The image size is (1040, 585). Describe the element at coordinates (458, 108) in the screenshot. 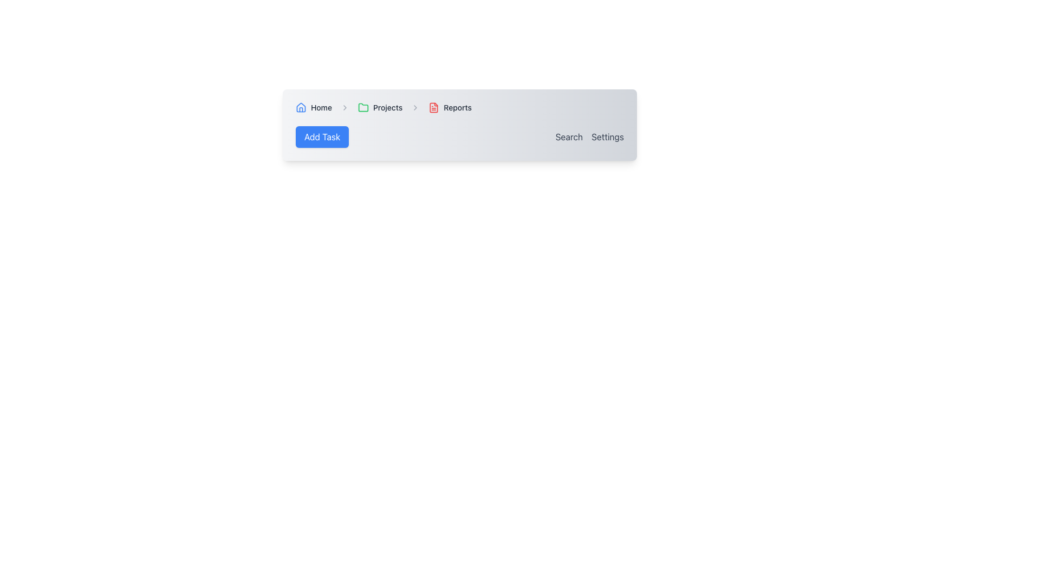

I see `the 'Reports' text label in the top navigation bar, which is styled in dark gray and follows 'Home' and 'Projects'` at that location.